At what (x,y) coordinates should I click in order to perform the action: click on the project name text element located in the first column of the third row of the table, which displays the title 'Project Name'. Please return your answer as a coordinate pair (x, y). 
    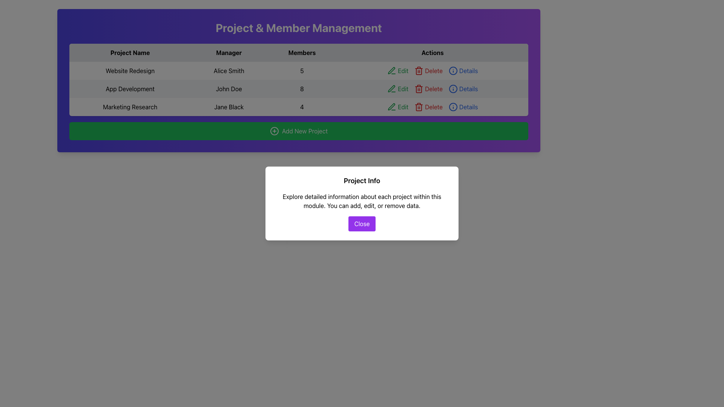
    Looking at the image, I should click on (130, 107).